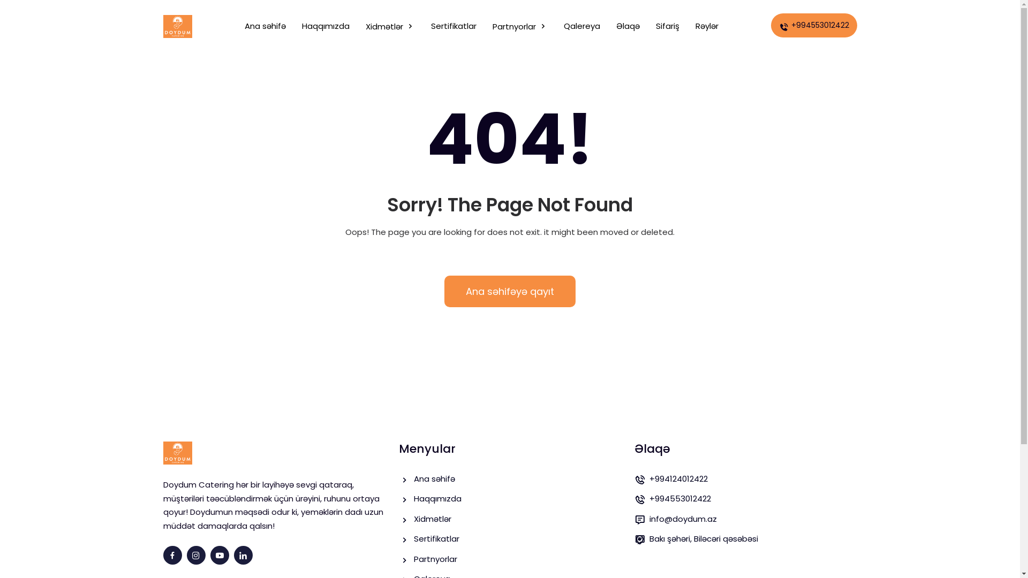 The image size is (1028, 578). I want to click on 'Qalereya', so click(581, 26).